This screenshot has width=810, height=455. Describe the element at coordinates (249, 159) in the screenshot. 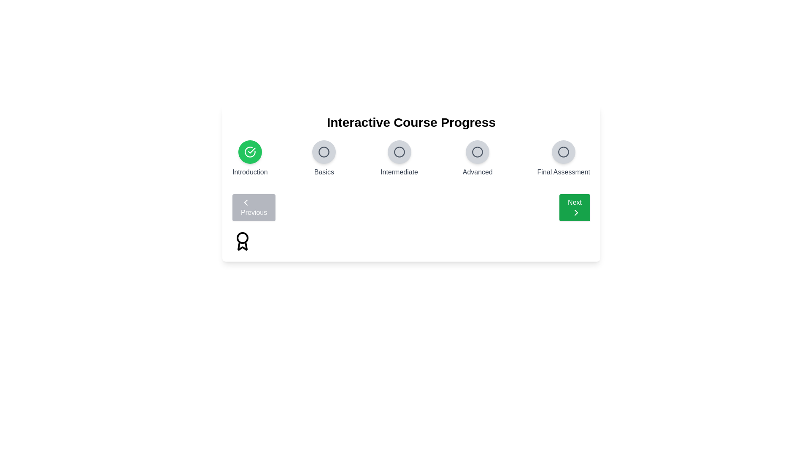

I see `the 'Introduction' stage indicator in the course progression tracker, which is represented by a checkmark icon and green background, located at the far left of the progression bar` at that location.